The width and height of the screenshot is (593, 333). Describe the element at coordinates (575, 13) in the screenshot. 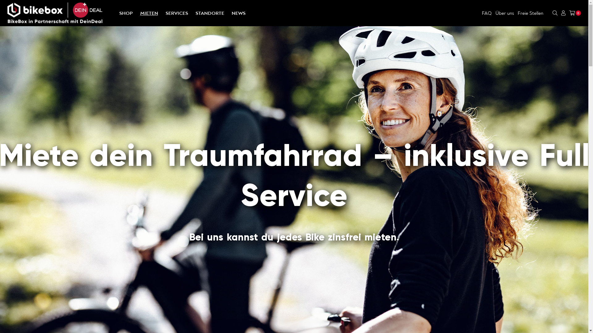

I see `'0'` at that location.